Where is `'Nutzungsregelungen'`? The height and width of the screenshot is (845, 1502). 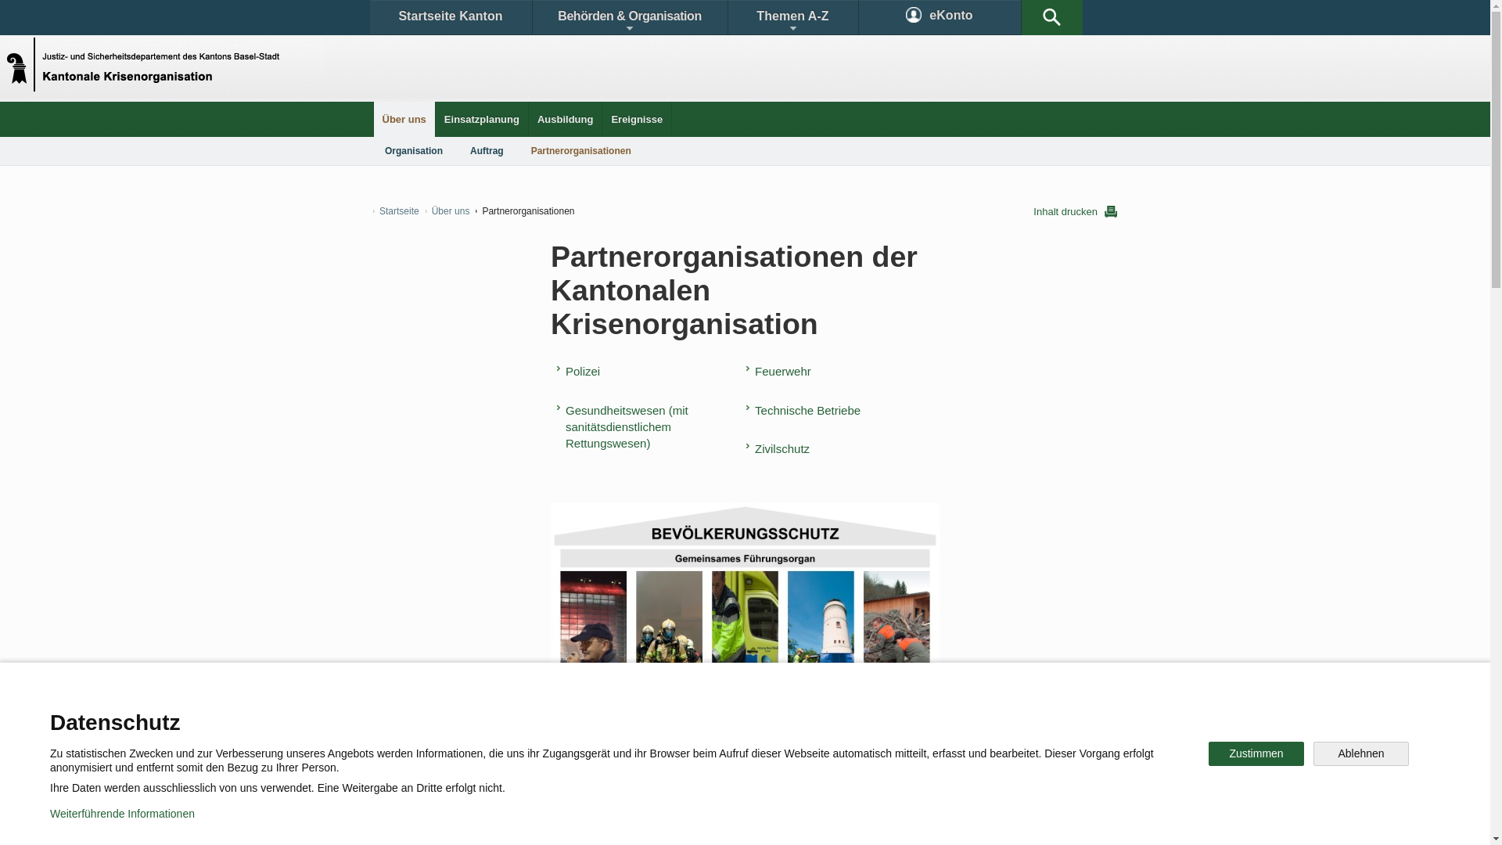
'Nutzungsregelungen' is located at coordinates (560, 821).